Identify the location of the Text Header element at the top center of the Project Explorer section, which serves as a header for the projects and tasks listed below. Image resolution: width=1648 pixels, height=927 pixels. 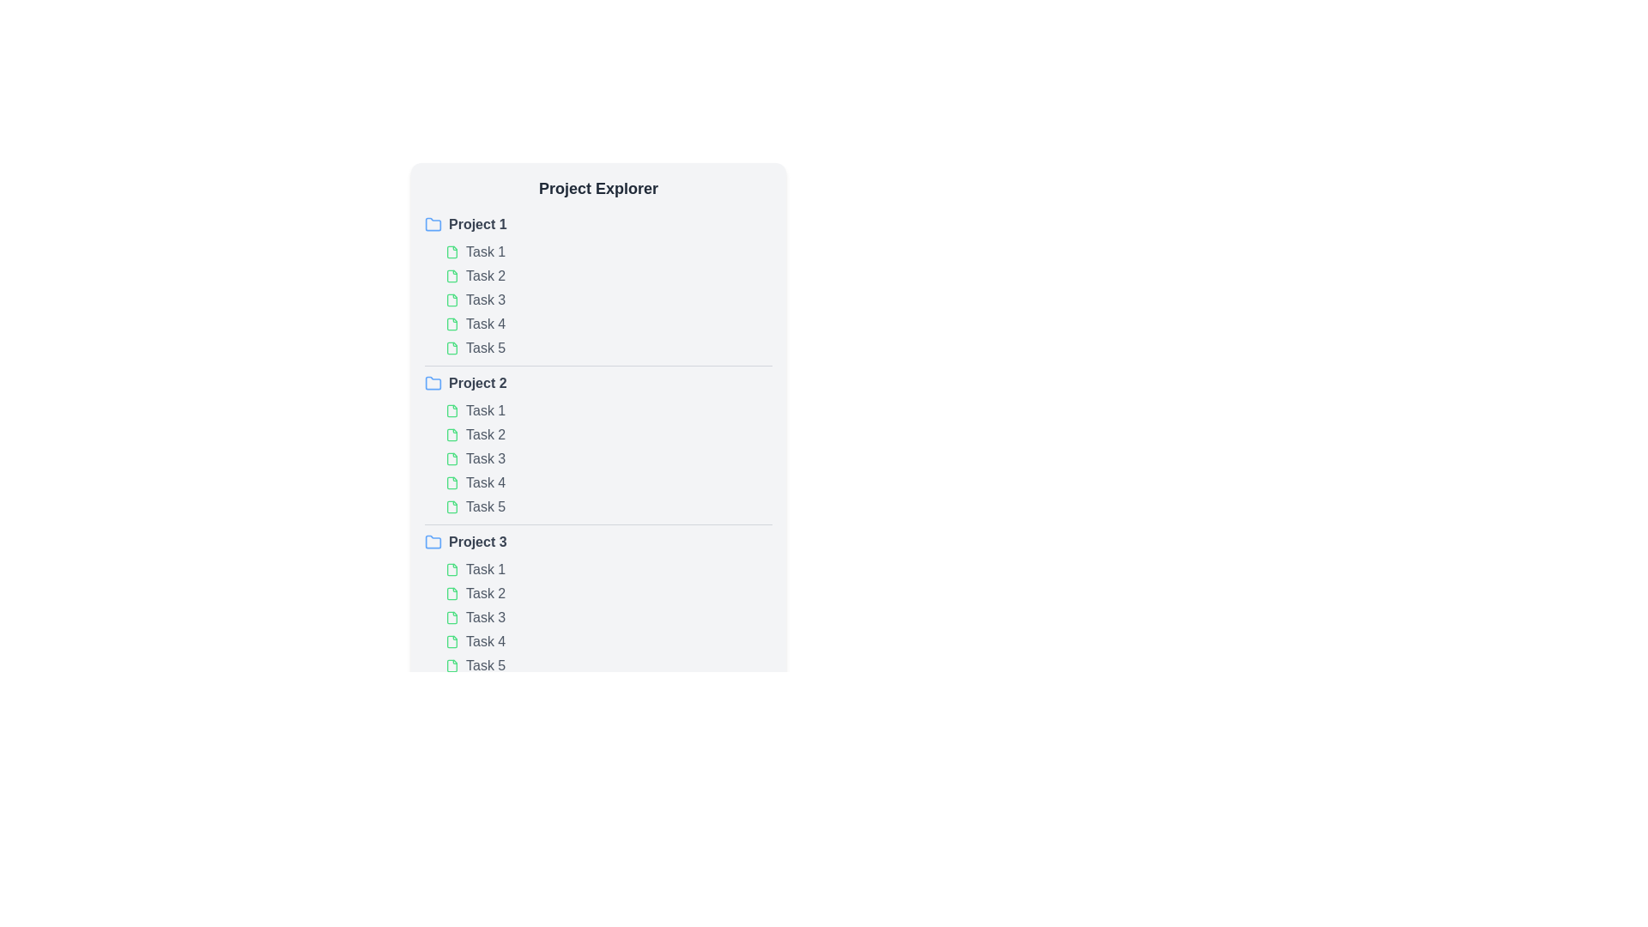
(598, 188).